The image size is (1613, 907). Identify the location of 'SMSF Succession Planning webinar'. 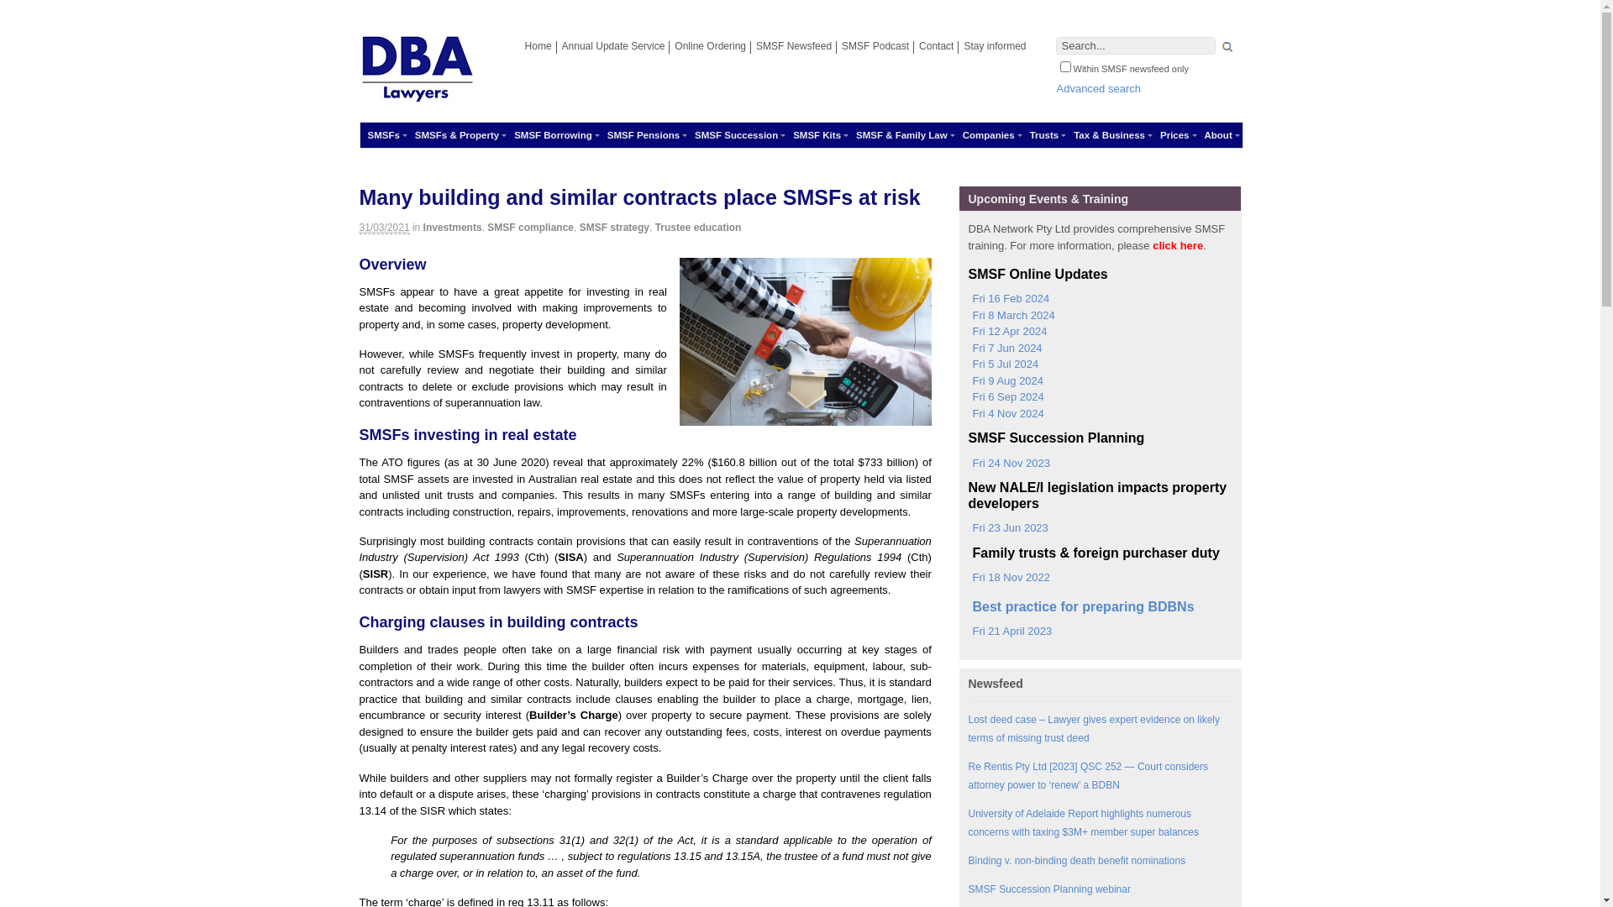
(1048, 889).